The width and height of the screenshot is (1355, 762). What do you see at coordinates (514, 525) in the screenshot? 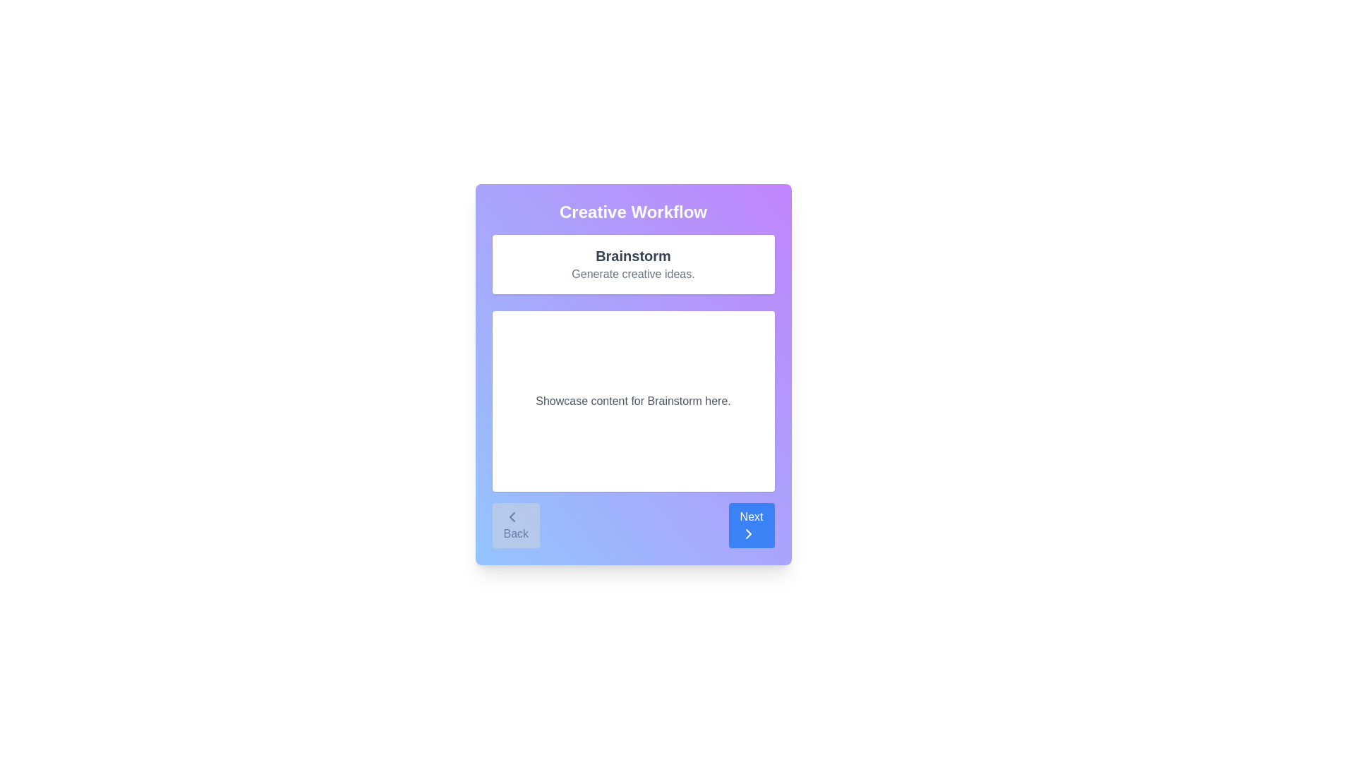
I see `the 'Back' button to navigate to the previous step` at bounding box center [514, 525].